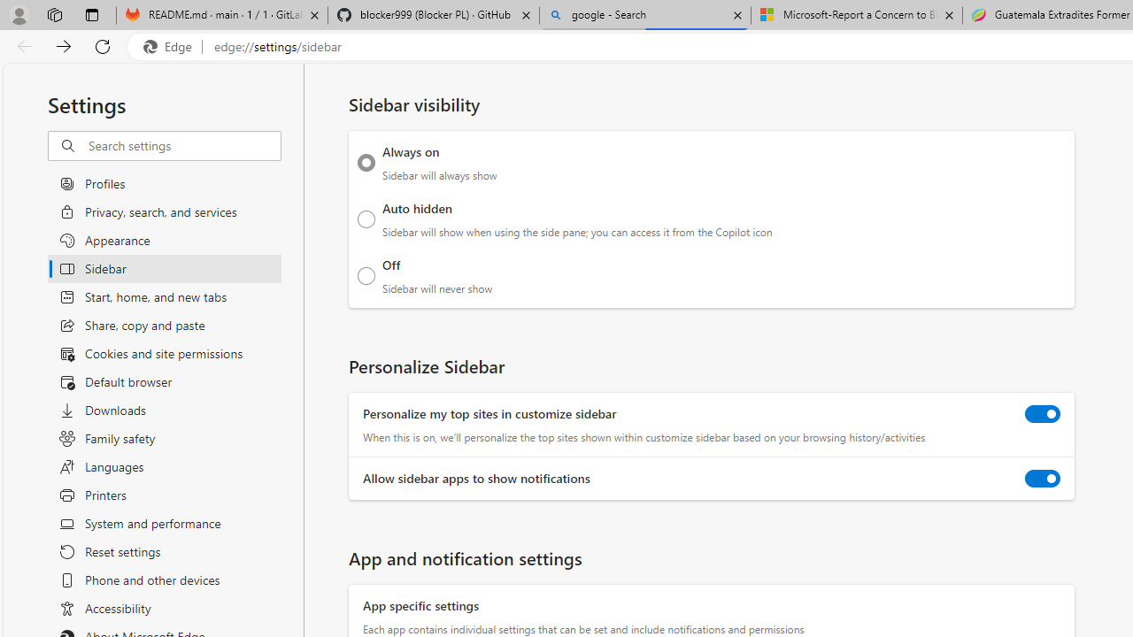 The width and height of the screenshot is (1133, 637). I want to click on 'Search settings', so click(184, 145).